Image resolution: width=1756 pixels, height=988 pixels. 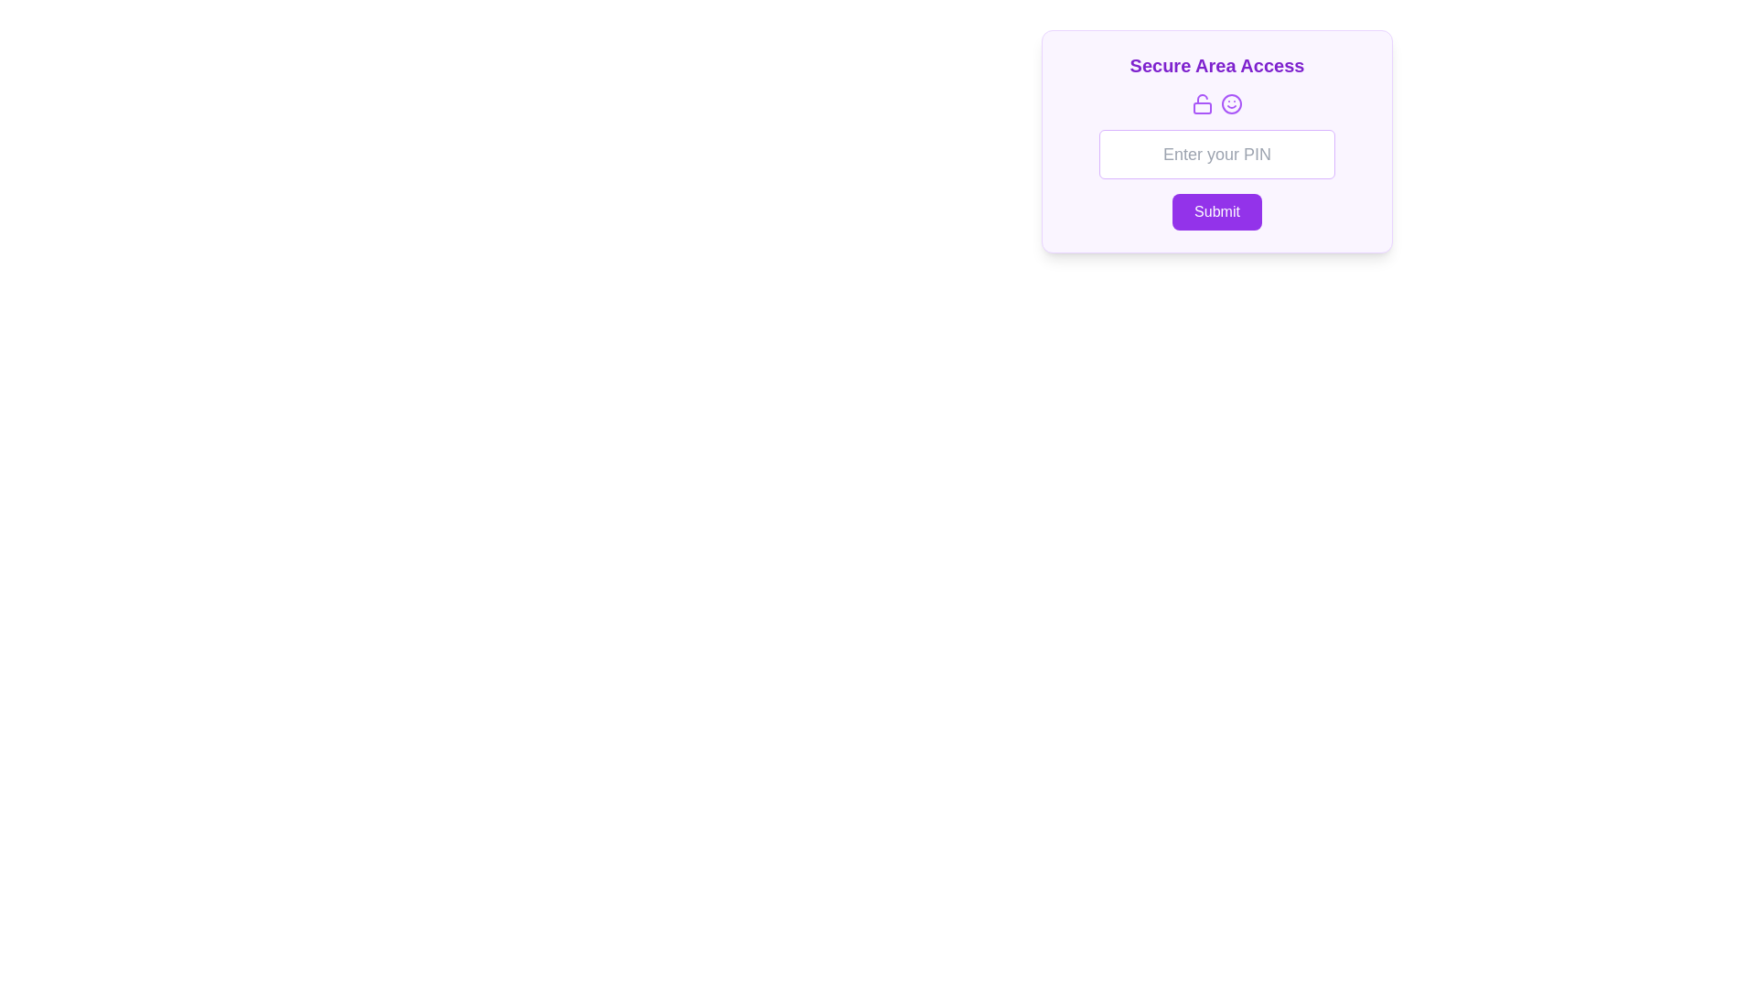 I want to click on on the Password input field located in the 'Secure Area Access' card, so click(x=1216, y=154).